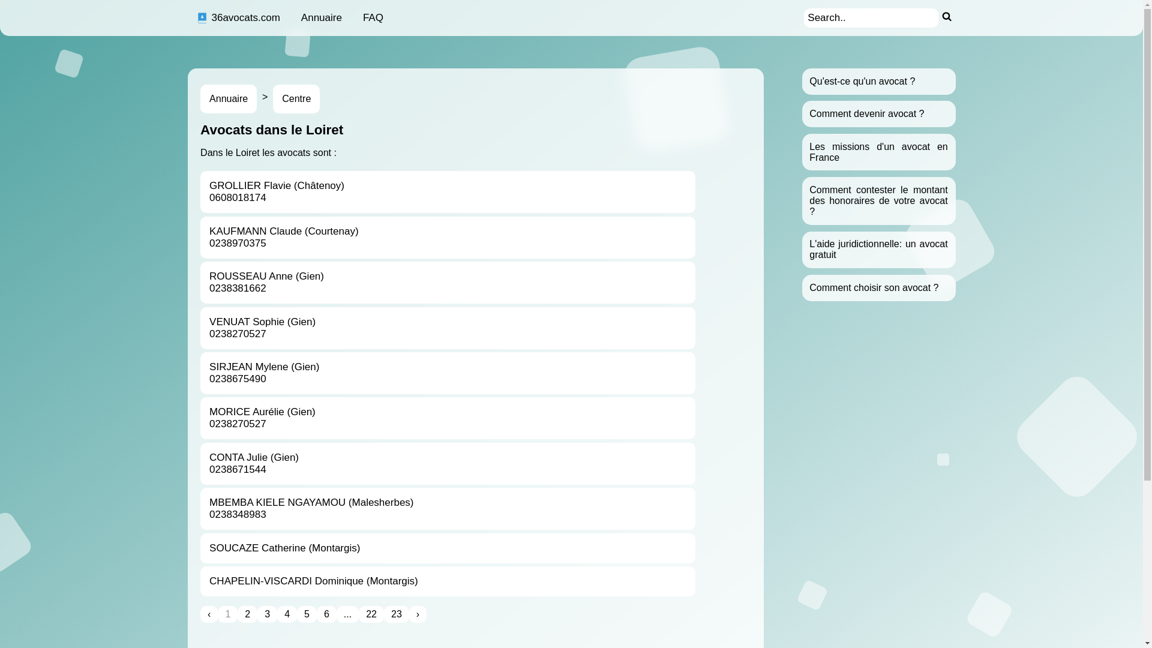 The height and width of the screenshot is (648, 1152). What do you see at coordinates (247, 614) in the screenshot?
I see `'2'` at bounding box center [247, 614].